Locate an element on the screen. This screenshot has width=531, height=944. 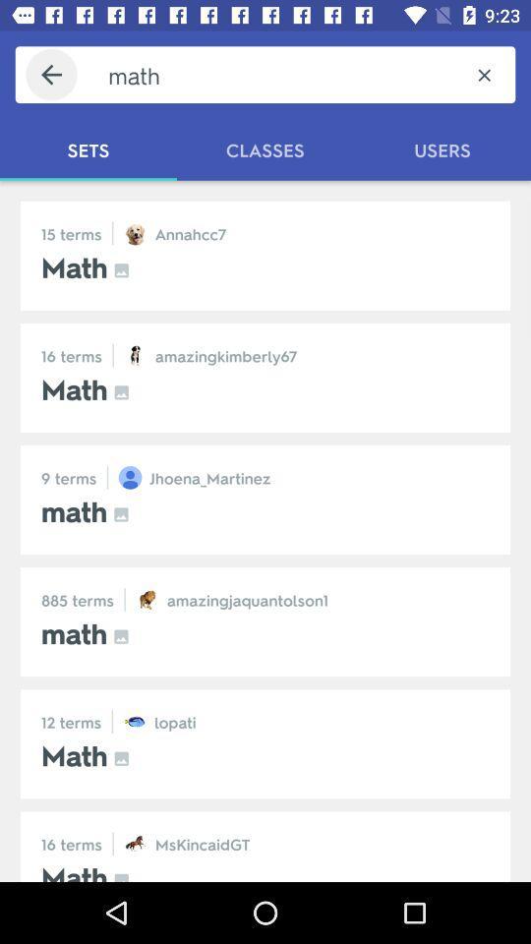
the item to the right of the math is located at coordinates (483, 75).